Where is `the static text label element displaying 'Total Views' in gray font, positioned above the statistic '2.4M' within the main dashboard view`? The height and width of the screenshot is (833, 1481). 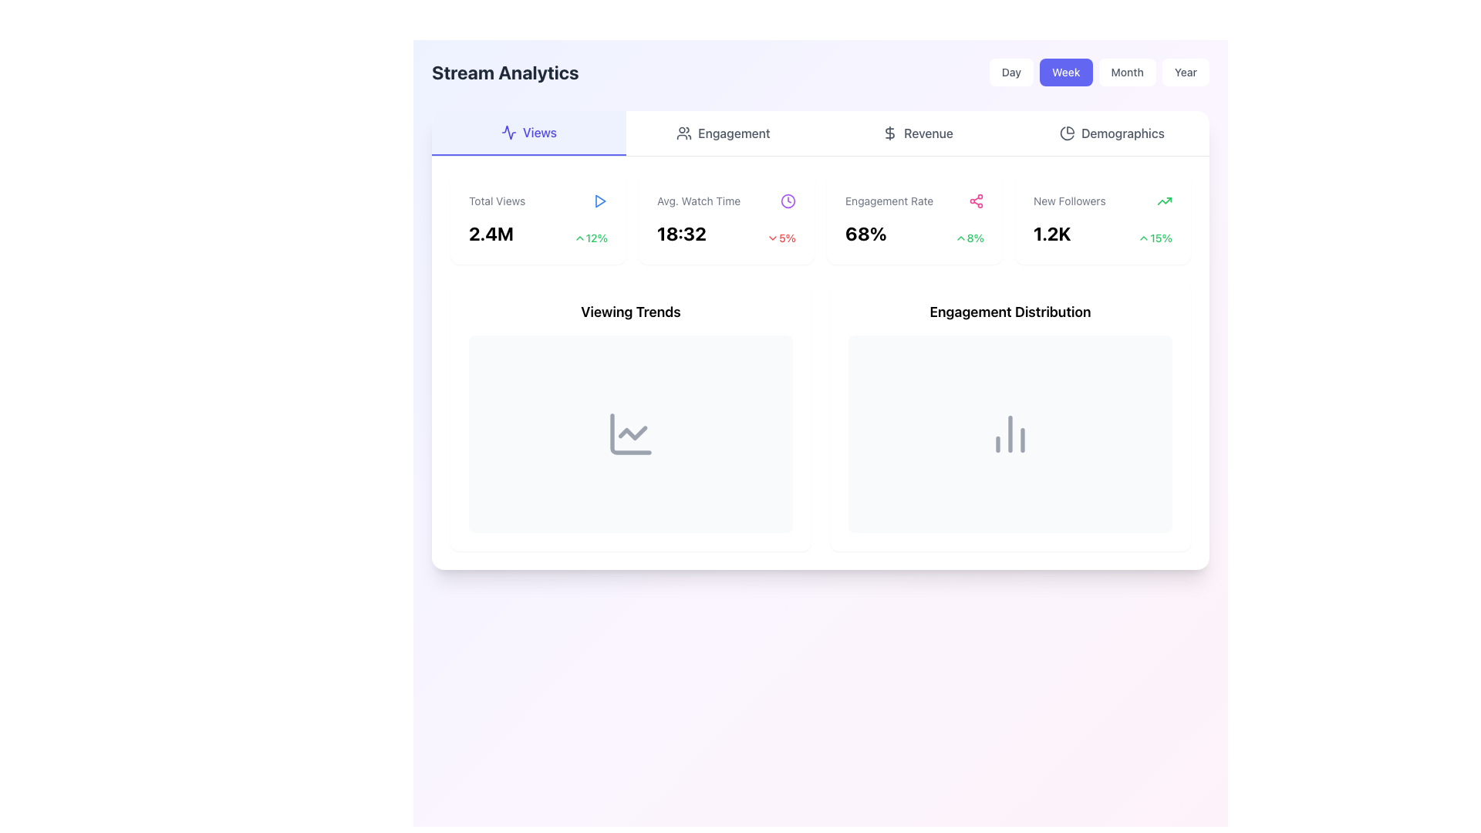 the static text label element displaying 'Total Views' in gray font, positioned above the statistic '2.4M' within the main dashboard view is located at coordinates (497, 201).